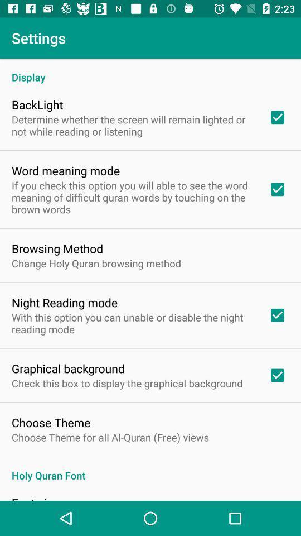  I want to click on if you check item, so click(133, 197).